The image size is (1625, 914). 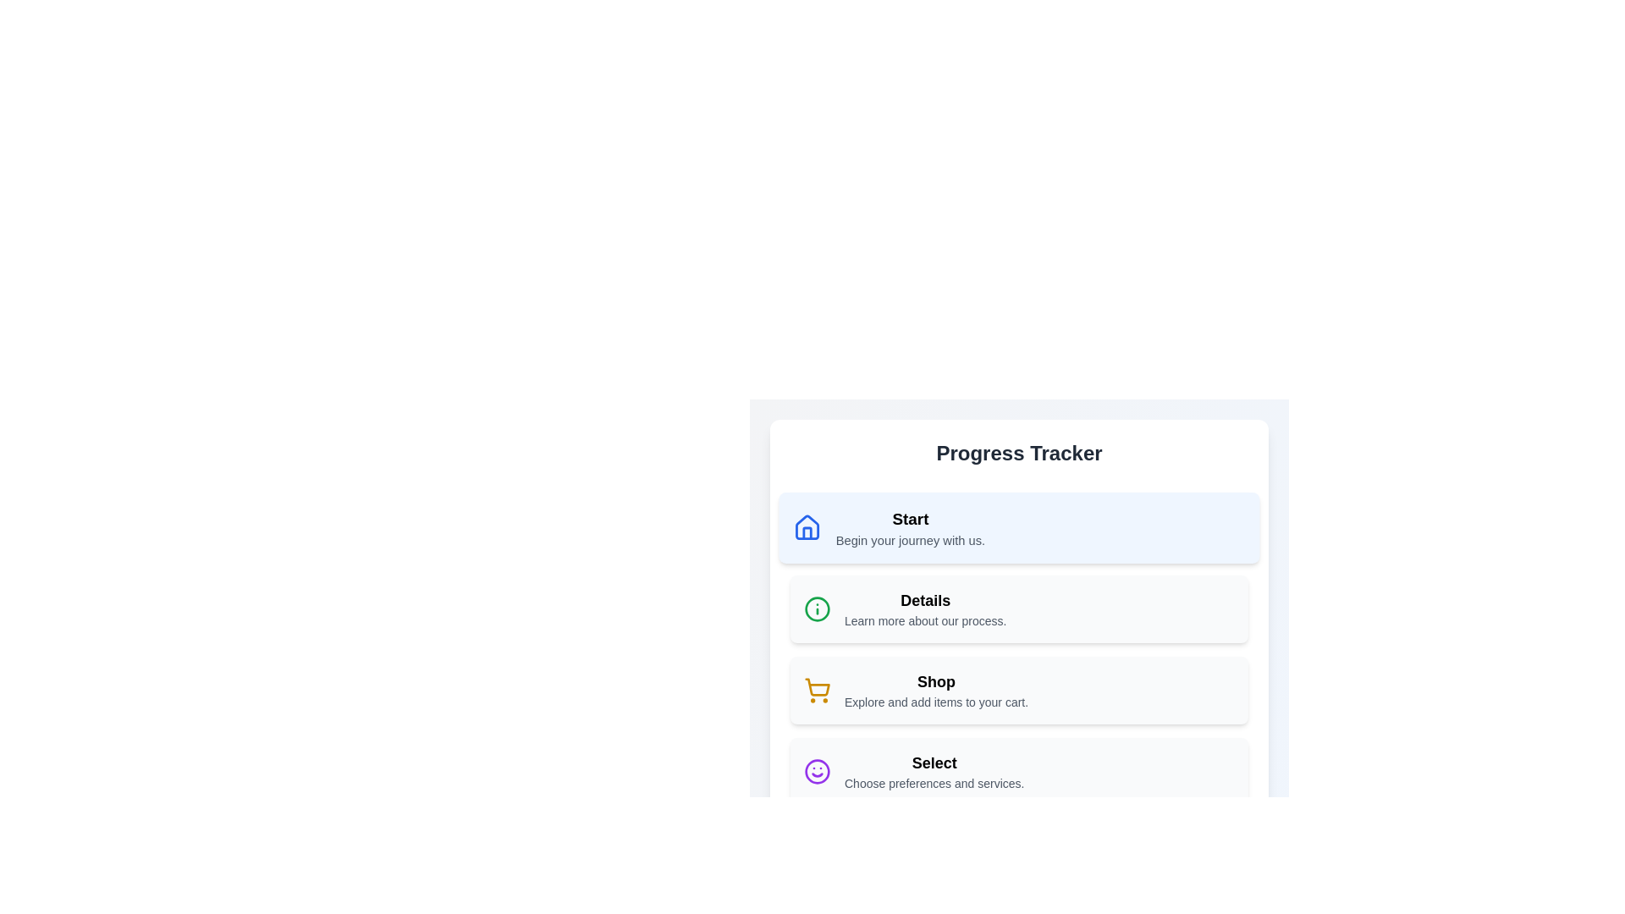 What do you see at coordinates (934, 783) in the screenshot?
I see `the static text element reading 'Choose preferences and services.' which is located beneath the 'Select' title in the progress tracker display` at bounding box center [934, 783].